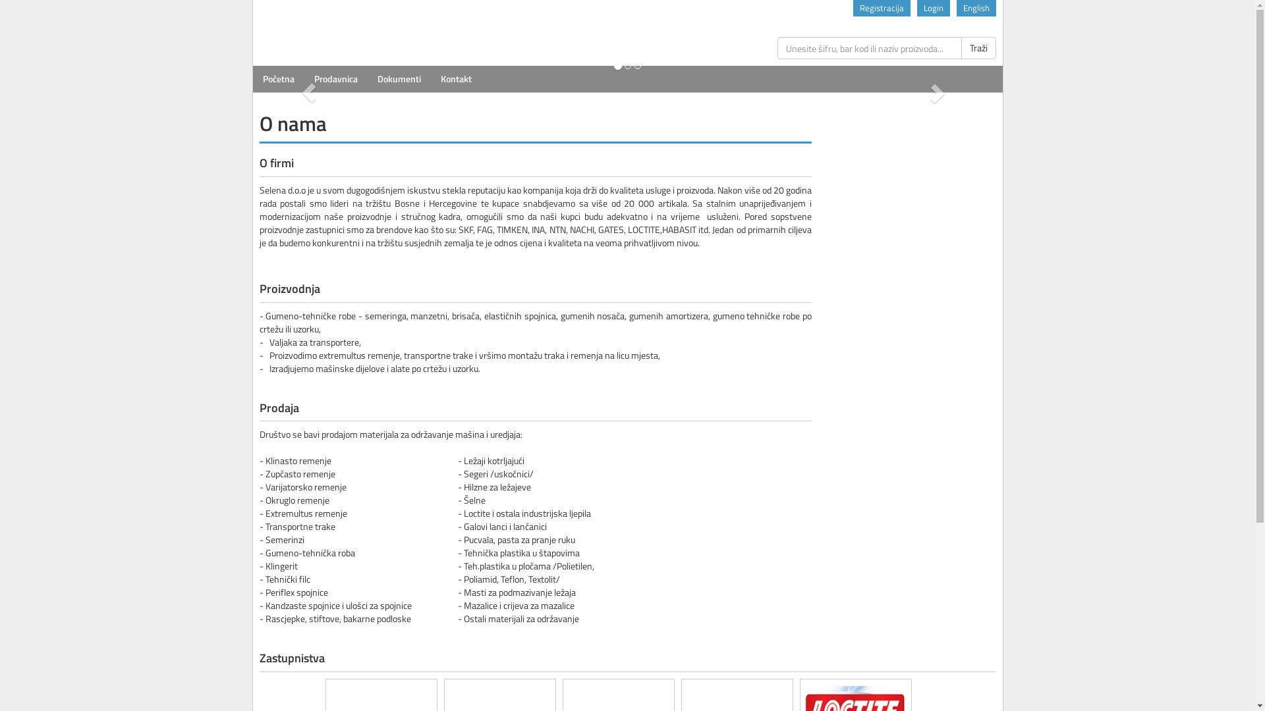 This screenshot has width=1265, height=711. What do you see at coordinates (932, 8) in the screenshot?
I see `'Login'` at bounding box center [932, 8].